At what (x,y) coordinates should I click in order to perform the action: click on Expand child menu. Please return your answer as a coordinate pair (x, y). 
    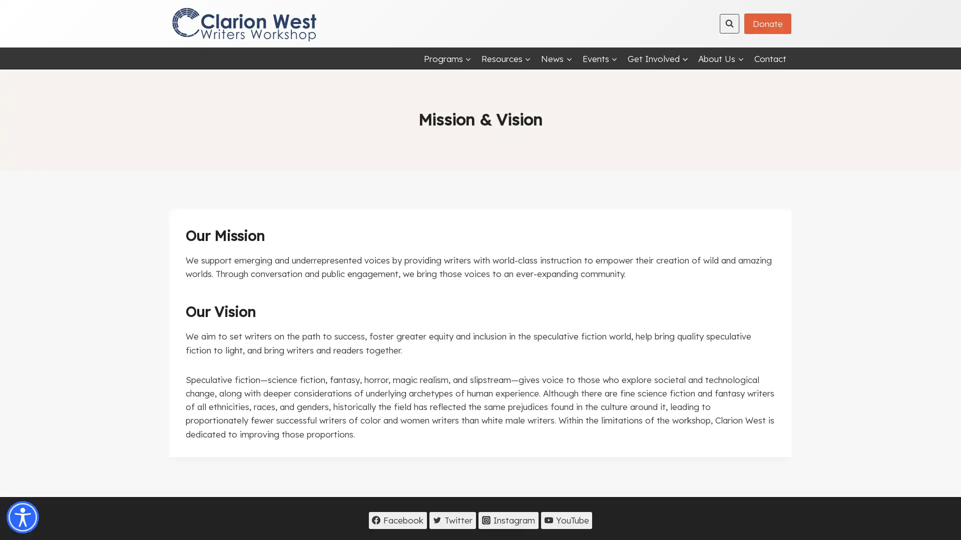
    Looking at the image, I should click on (600, 58).